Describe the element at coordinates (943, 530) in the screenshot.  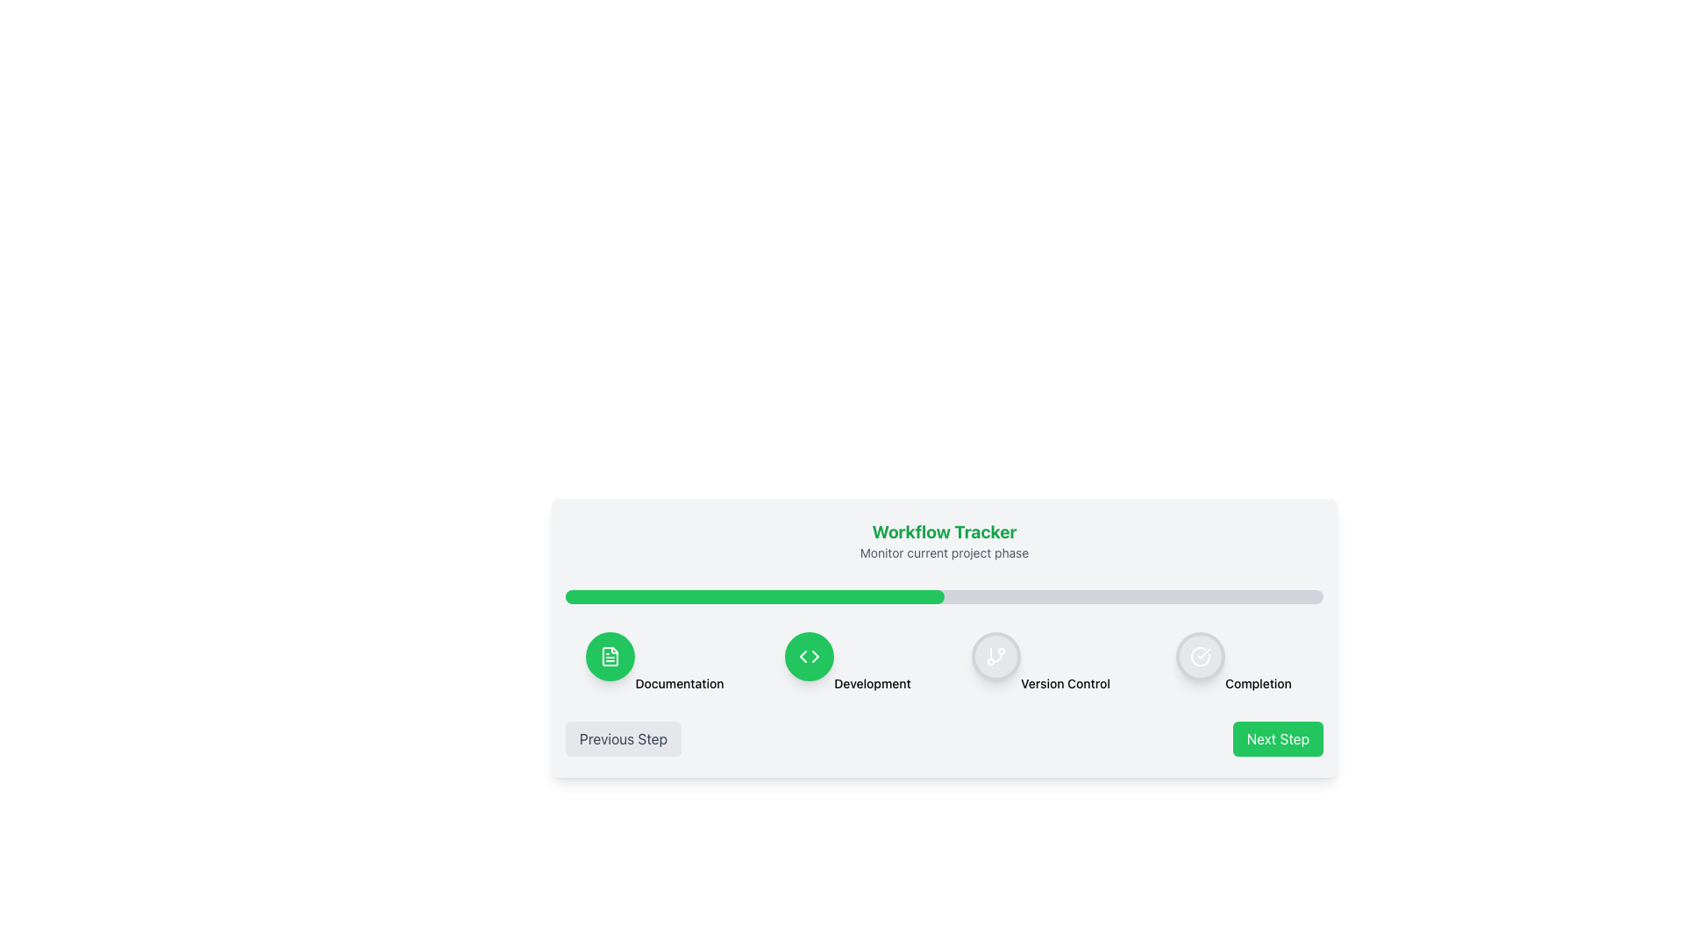
I see `the Text Label that introduces the section for tracking workflow progress, located at the top of the interface's main content area, above the progress bar and workflow step icons` at that location.